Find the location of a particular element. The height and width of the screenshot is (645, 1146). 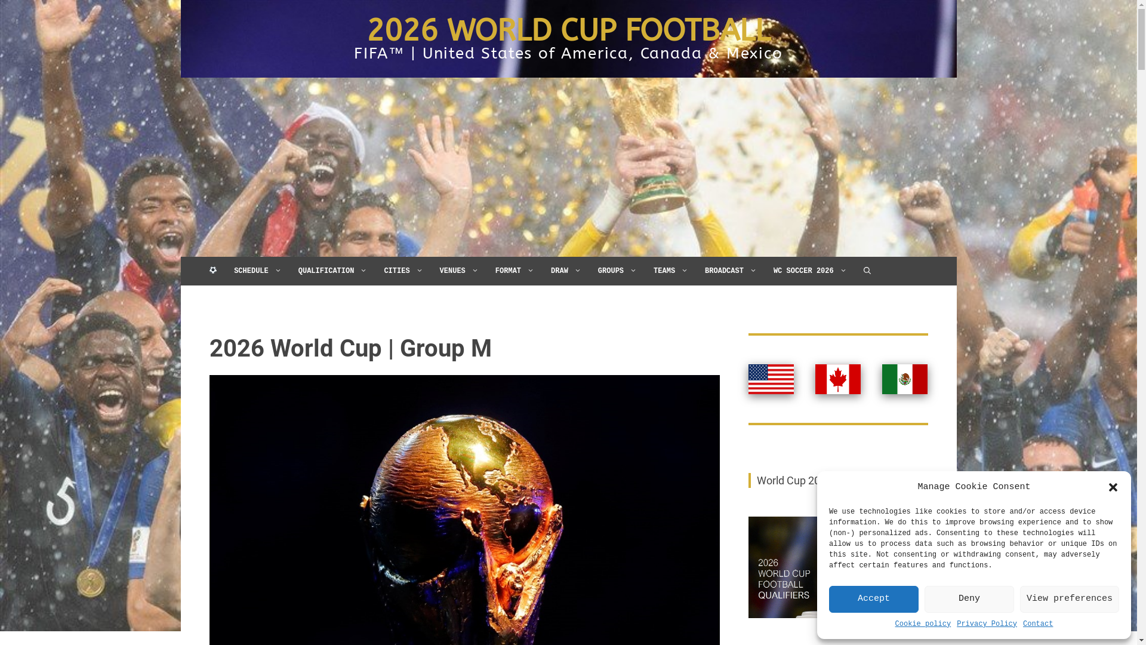

'CITIES' is located at coordinates (403, 271).